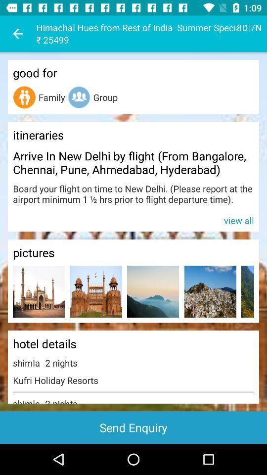 This screenshot has height=475, width=267. I want to click on view all item, so click(133, 220).